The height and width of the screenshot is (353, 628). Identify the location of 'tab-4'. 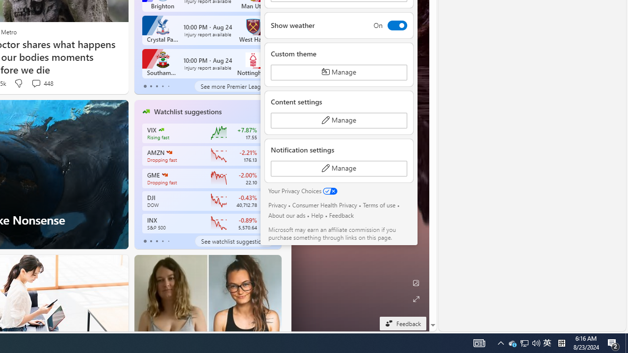
(168, 241).